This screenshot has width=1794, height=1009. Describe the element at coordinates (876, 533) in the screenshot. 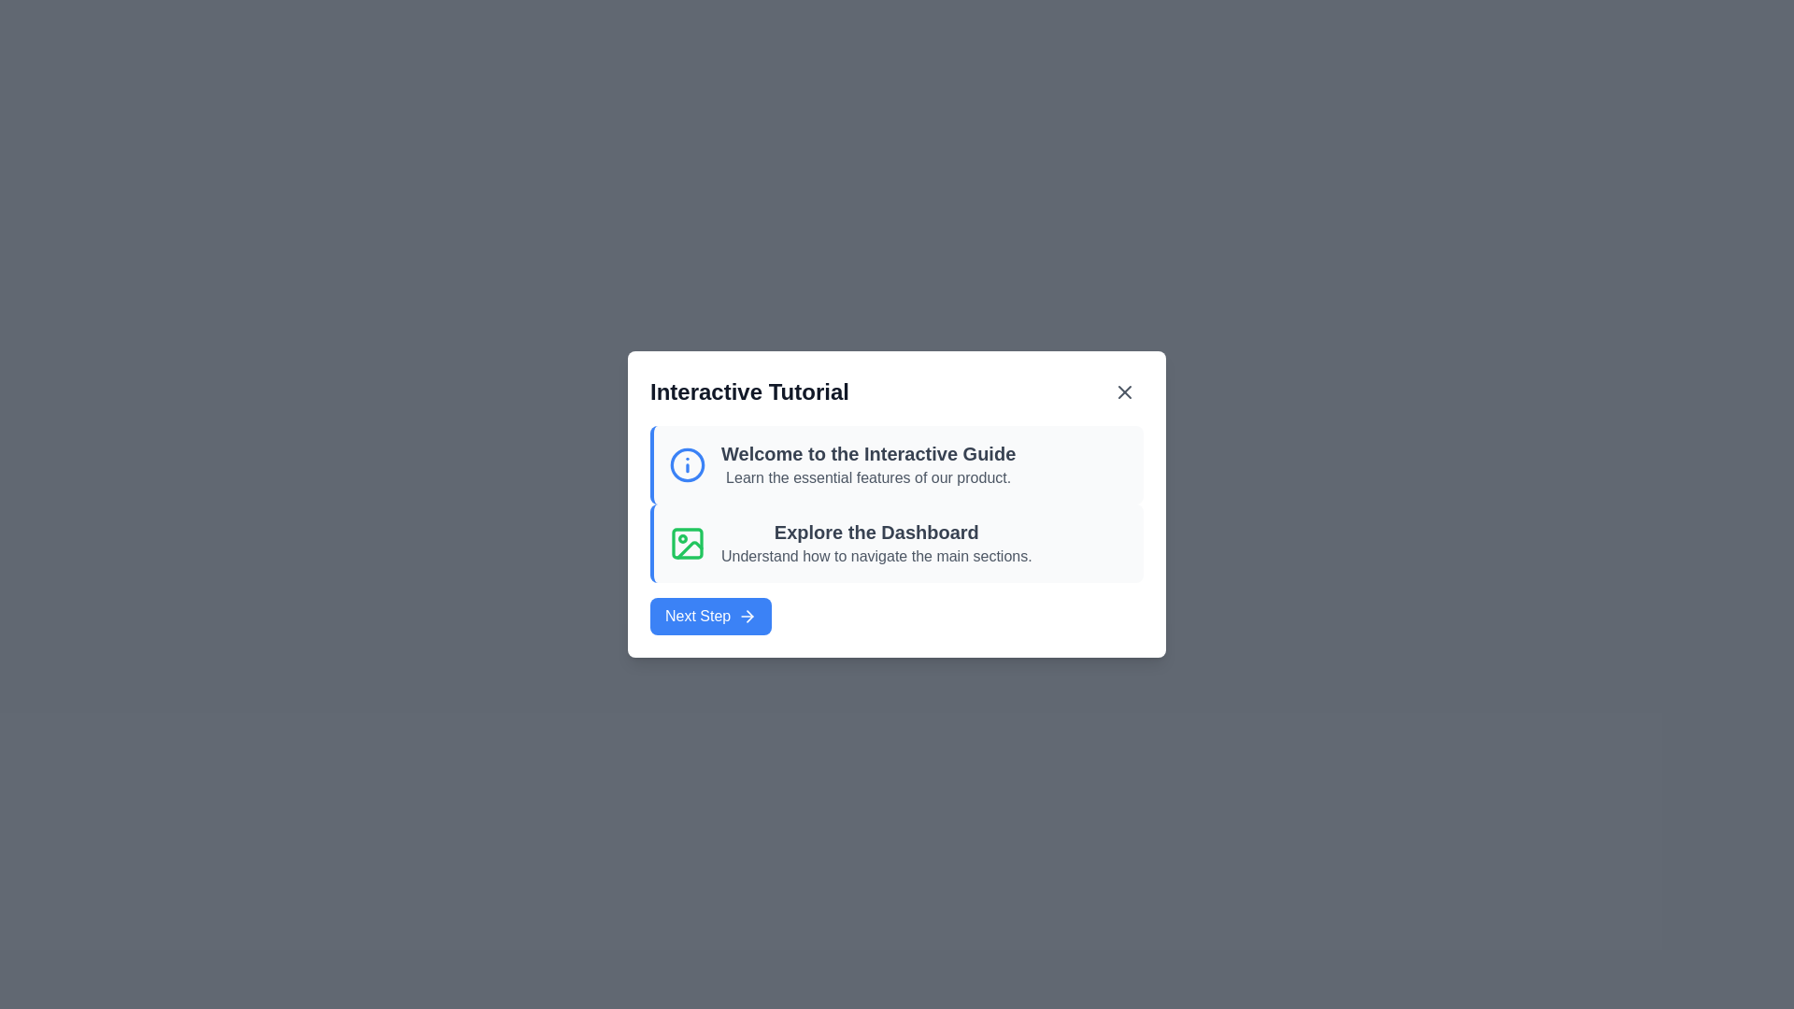

I see `the bold text label reading 'Explore the Dashboard', which is styled in dark gray with a large font size, positioned above the descriptive text and to the right of a green icon` at that location.